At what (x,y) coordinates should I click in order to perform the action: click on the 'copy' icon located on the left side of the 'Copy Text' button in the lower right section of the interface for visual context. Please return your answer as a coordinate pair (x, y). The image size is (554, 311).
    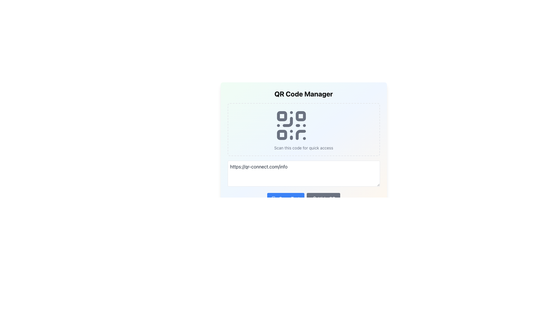
    Looking at the image, I should click on (274, 198).